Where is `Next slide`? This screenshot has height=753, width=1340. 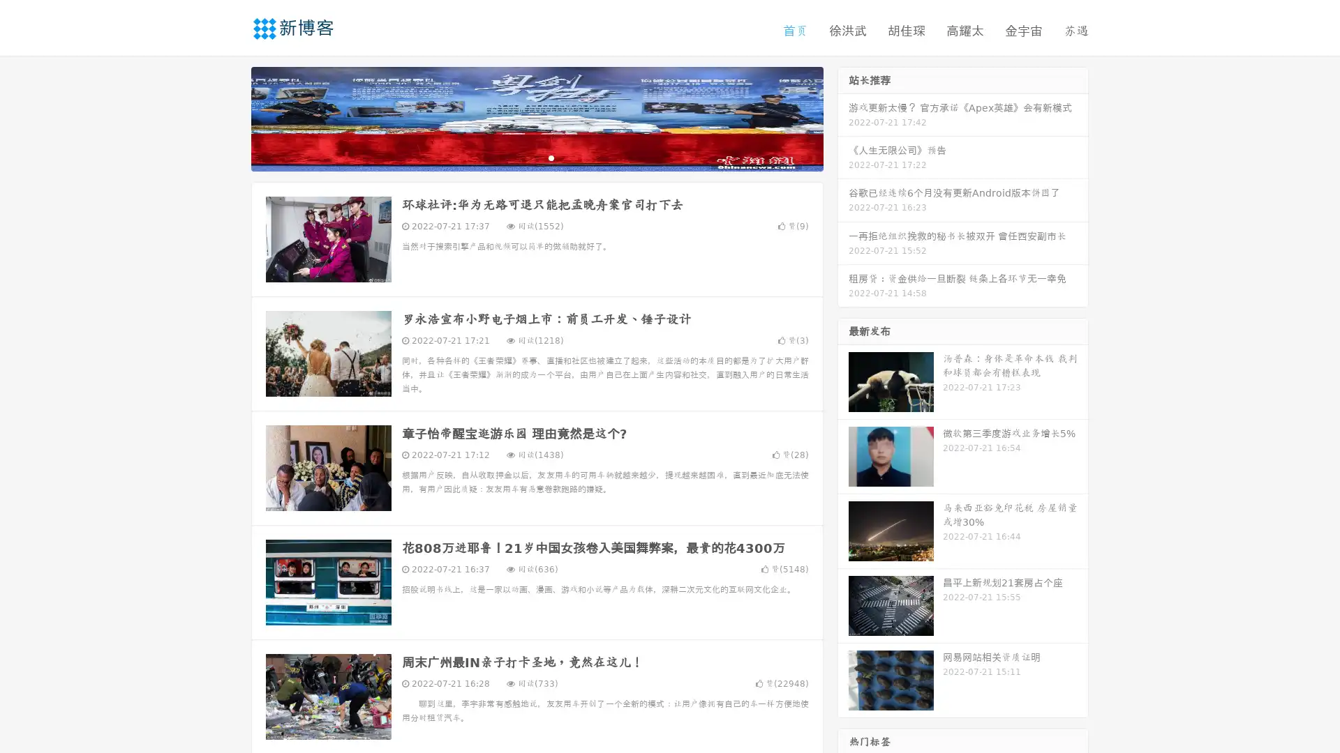
Next slide is located at coordinates (843, 117).